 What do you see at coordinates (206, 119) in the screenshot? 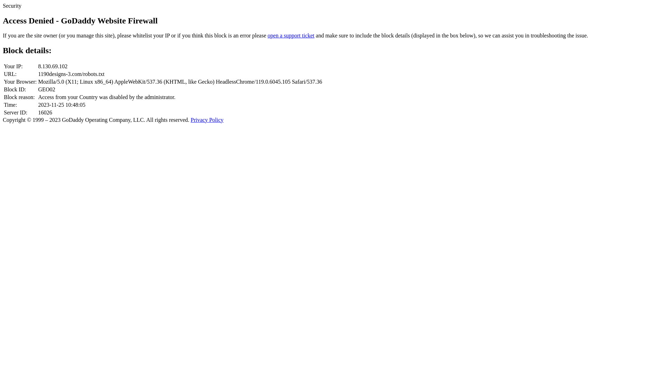
I see `'Privacy Policy'` at bounding box center [206, 119].